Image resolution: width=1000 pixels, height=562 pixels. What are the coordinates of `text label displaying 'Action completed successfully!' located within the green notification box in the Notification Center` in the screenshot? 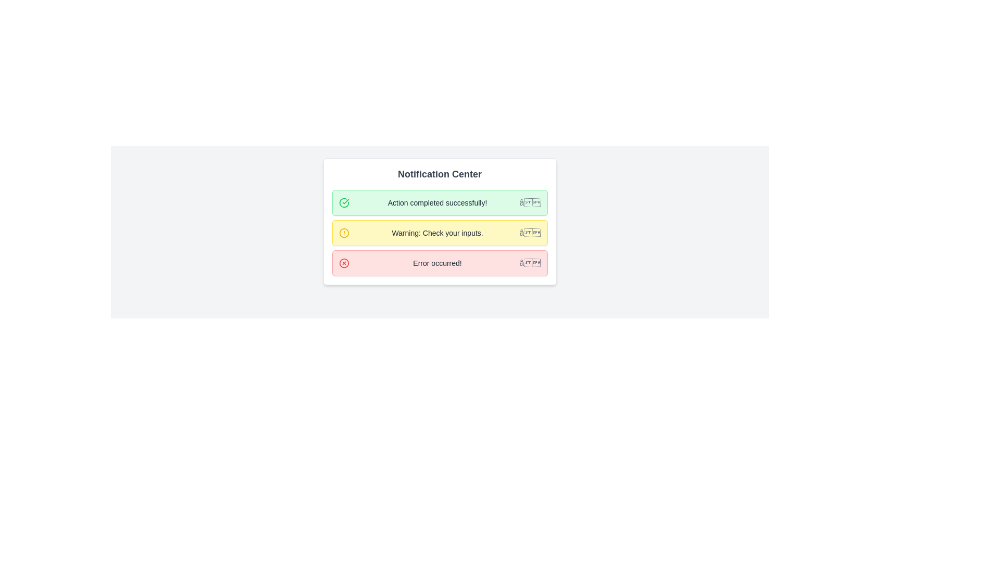 It's located at (438, 202).